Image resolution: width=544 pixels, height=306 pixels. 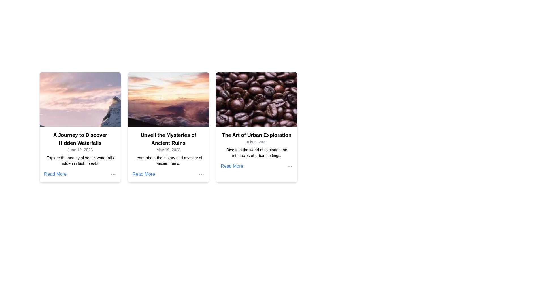 What do you see at coordinates (168, 99) in the screenshot?
I see `the landscape image featuring a cloudy and orange-toned sky, located at the top of the central card titled 'Unveil the Mysteries of Ancient Ruins'` at bounding box center [168, 99].